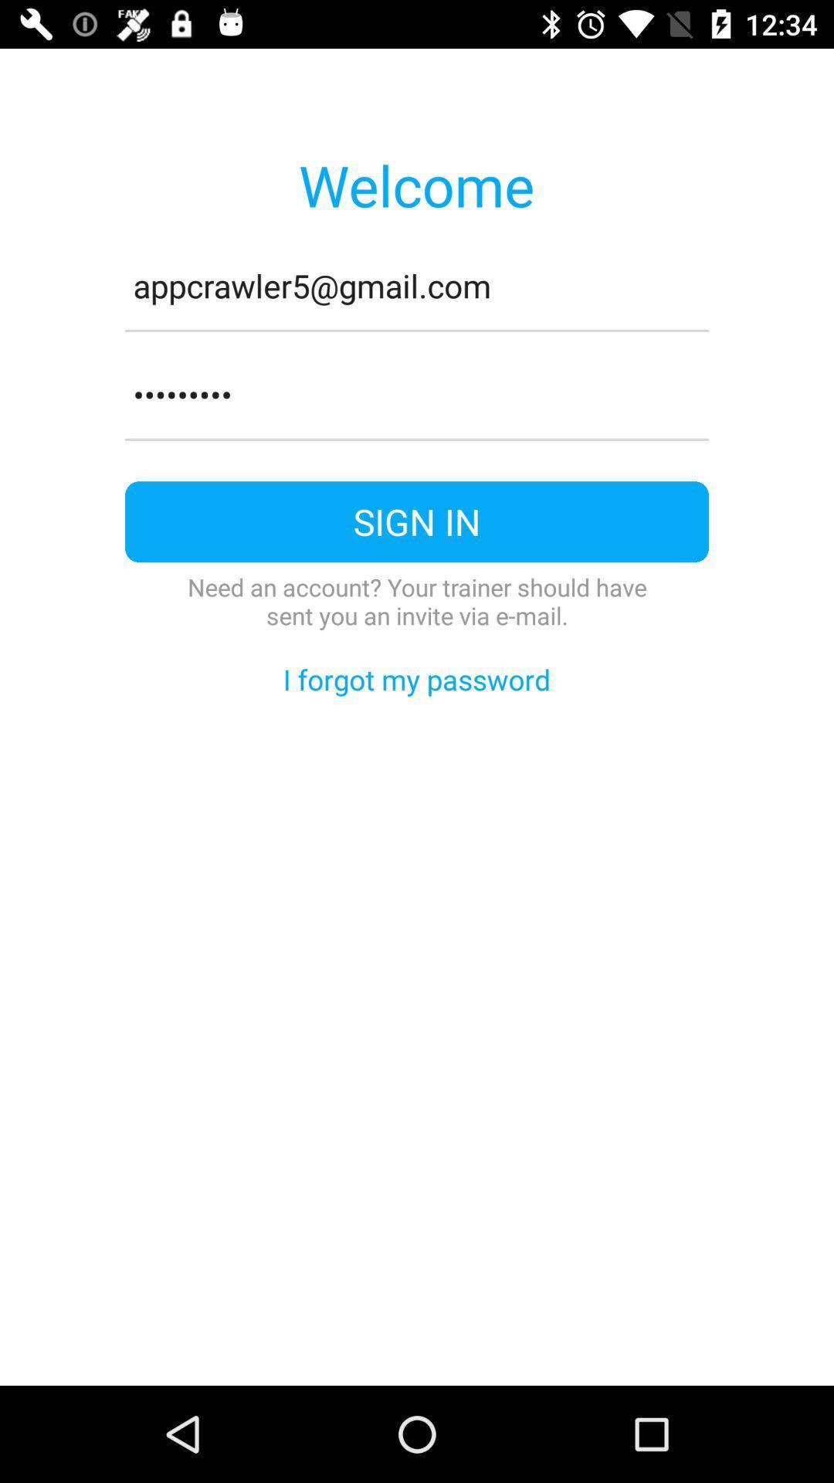 The height and width of the screenshot is (1483, 834). I want to click on the item below the appcrawler5@gmail.com item, so click(417, 330).